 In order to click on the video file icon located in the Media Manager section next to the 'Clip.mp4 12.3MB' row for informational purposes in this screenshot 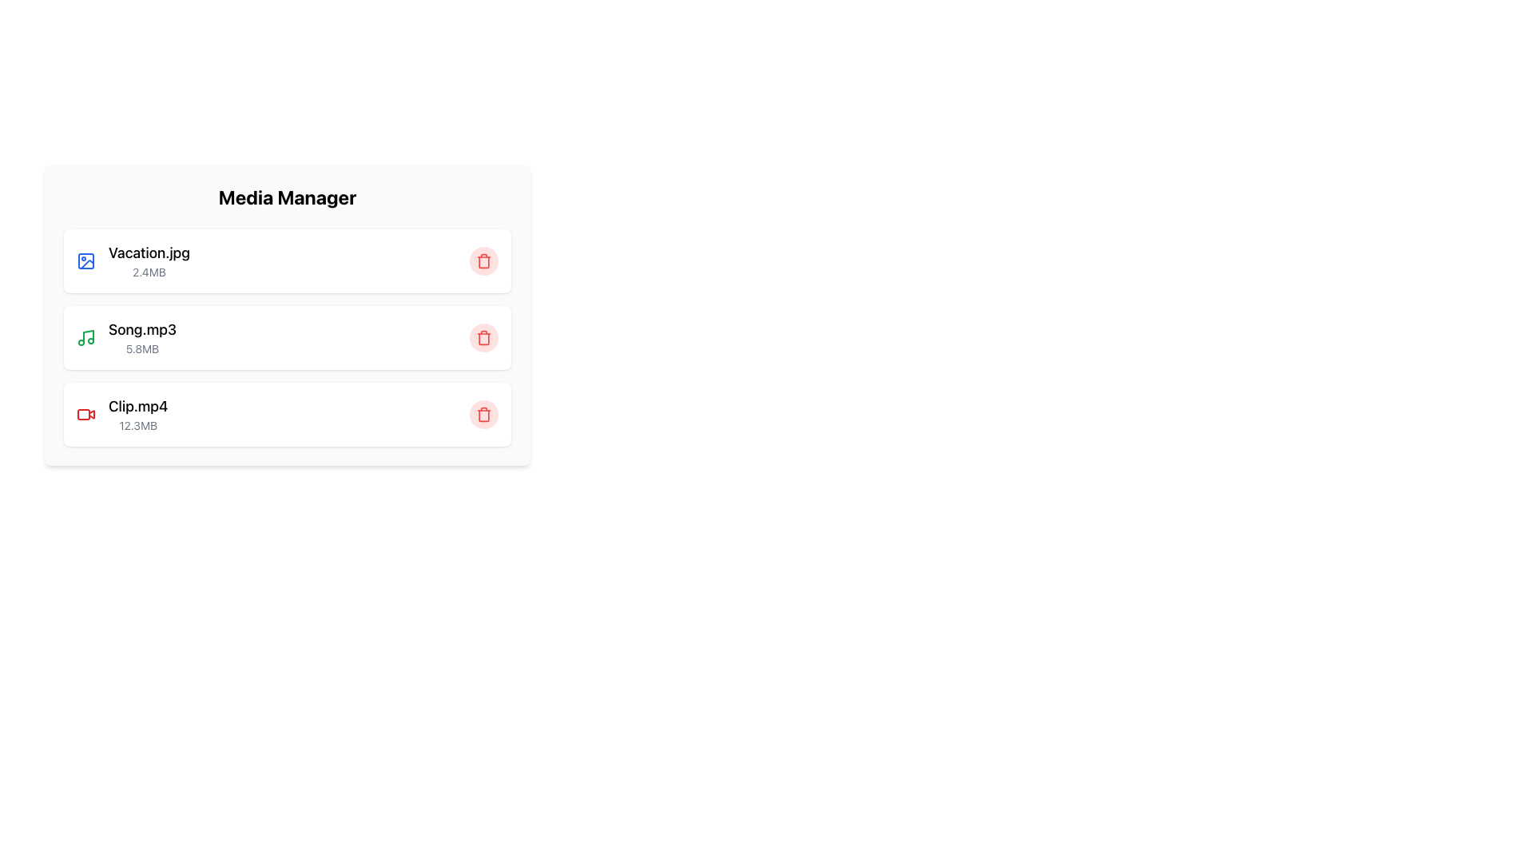, I will do `click(85, 414)`.